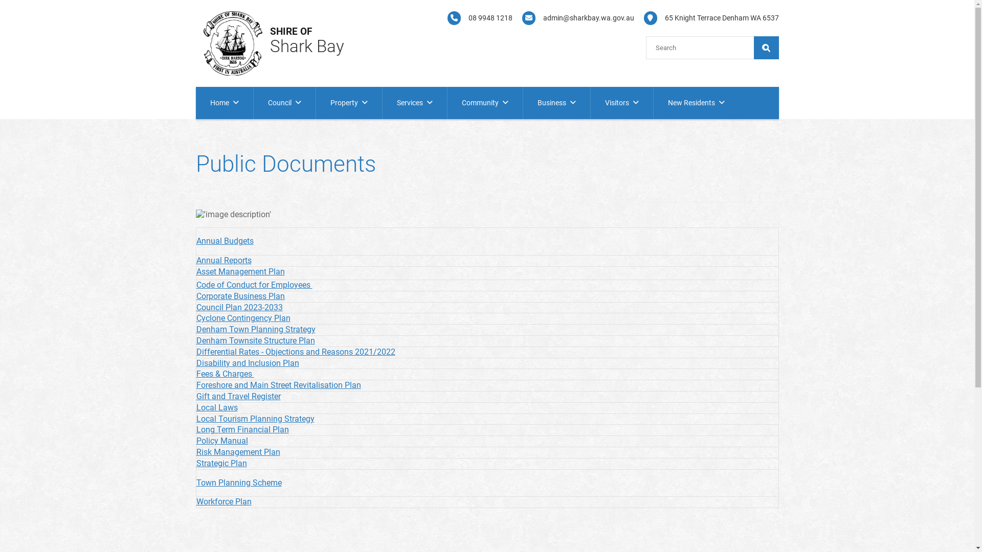 The height and width of the screenshot is (552, 982). What do you see at coordinates (196, 463) in the screenshot?
I see `'Strategic Plan'` at bounding box center [196, 463].